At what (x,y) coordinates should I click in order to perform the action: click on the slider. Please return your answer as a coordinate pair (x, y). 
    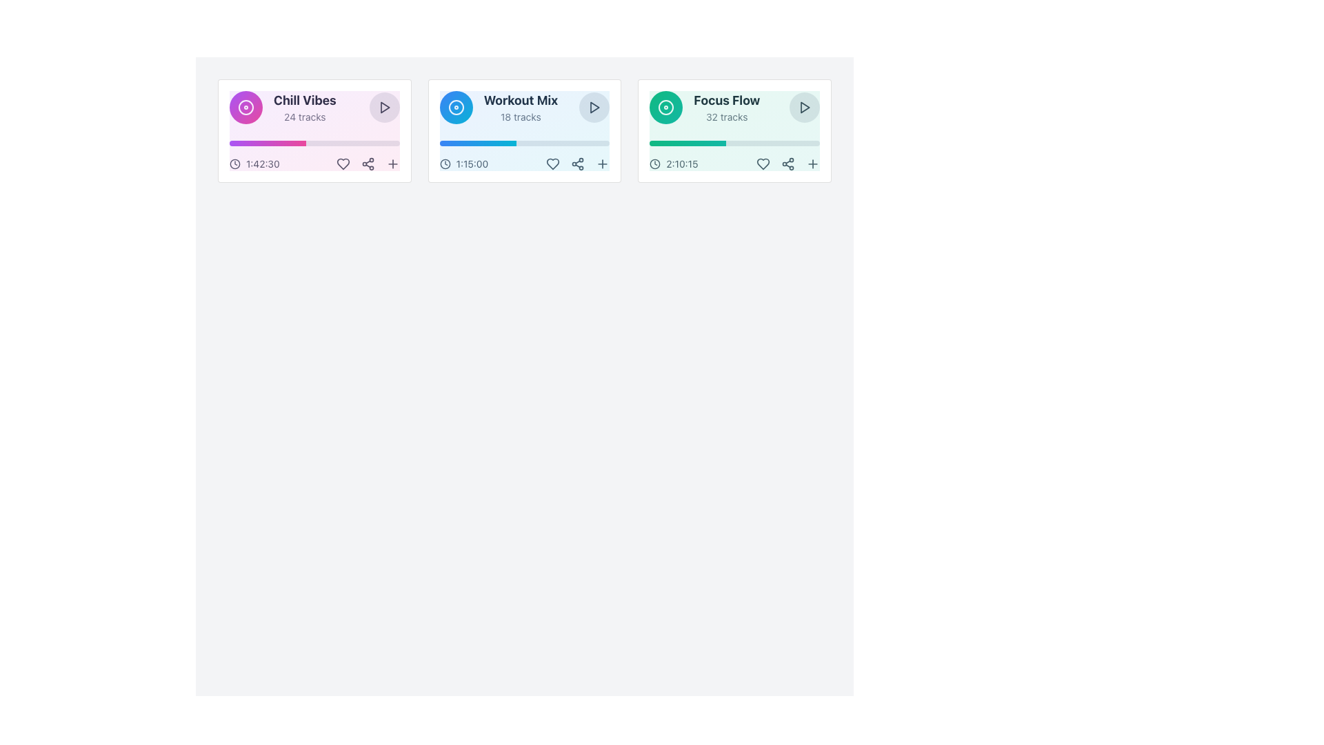
    Looking at the image, I should click on (498, 143).